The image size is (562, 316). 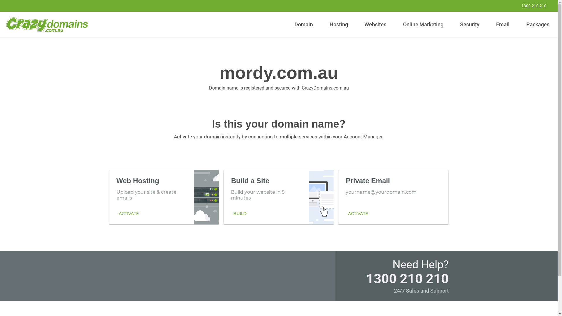 What do you see at coordinates (530, 6) in the screenshot?
I see `'1300 210 210'` at bounding box center [530, 6].